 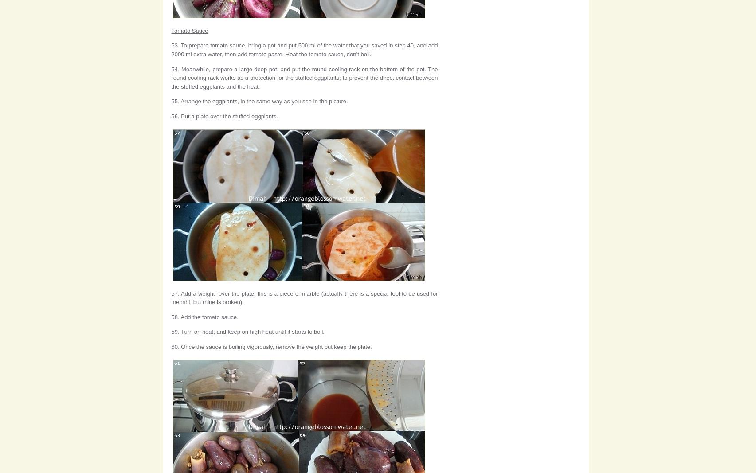 I want to click on '54. Meanwhile, prepare a large deep pot, and put the round cooling rack on the bottom of the pot. The round cooling rack works as a protection for the stuffed eggplants; to prevent the direct contact between the stuffed eggplants and the heat.', so click(x=171, y=77).